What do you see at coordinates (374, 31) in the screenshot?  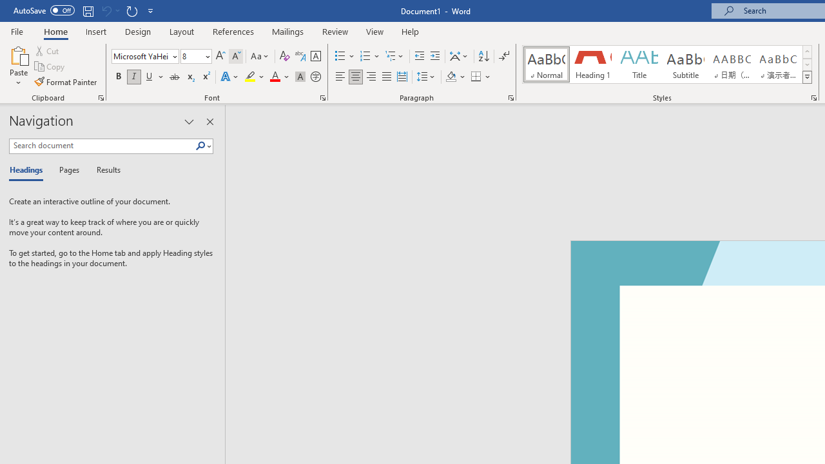 I see `'View'` at bounding box center [374, 31].